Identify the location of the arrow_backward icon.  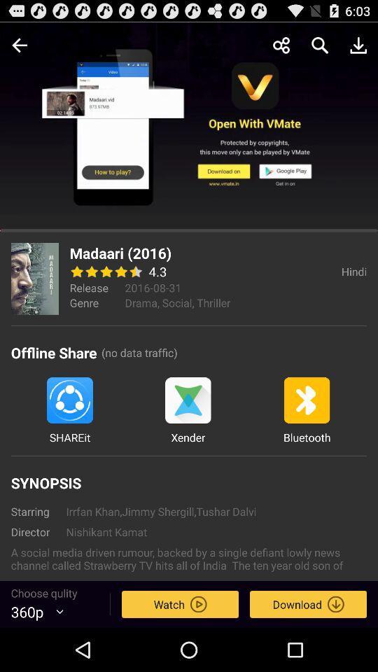
(18, 48).